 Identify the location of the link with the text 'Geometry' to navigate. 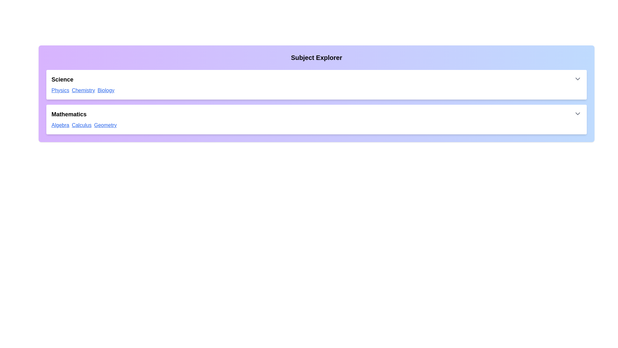
(105, 125).